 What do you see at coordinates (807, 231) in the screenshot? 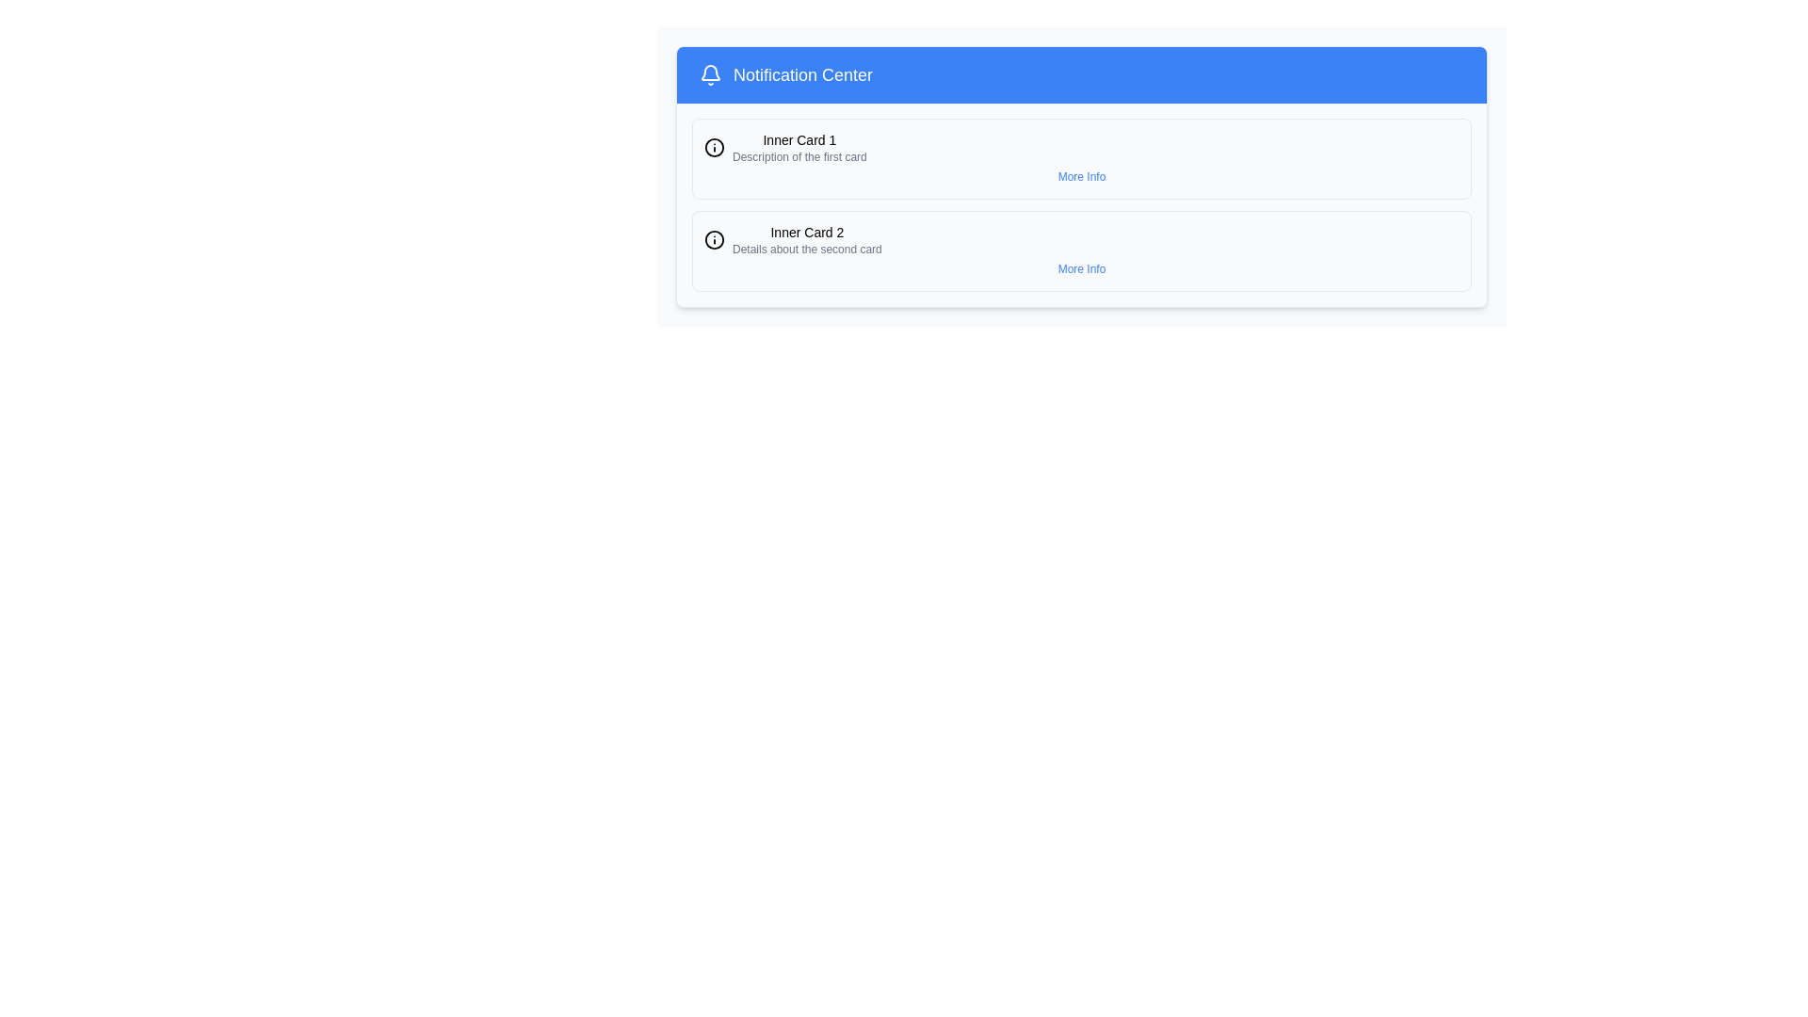
I see `the title text label that identifies the card section, located in the upper part of the card component` at bounding box center [807, 231].